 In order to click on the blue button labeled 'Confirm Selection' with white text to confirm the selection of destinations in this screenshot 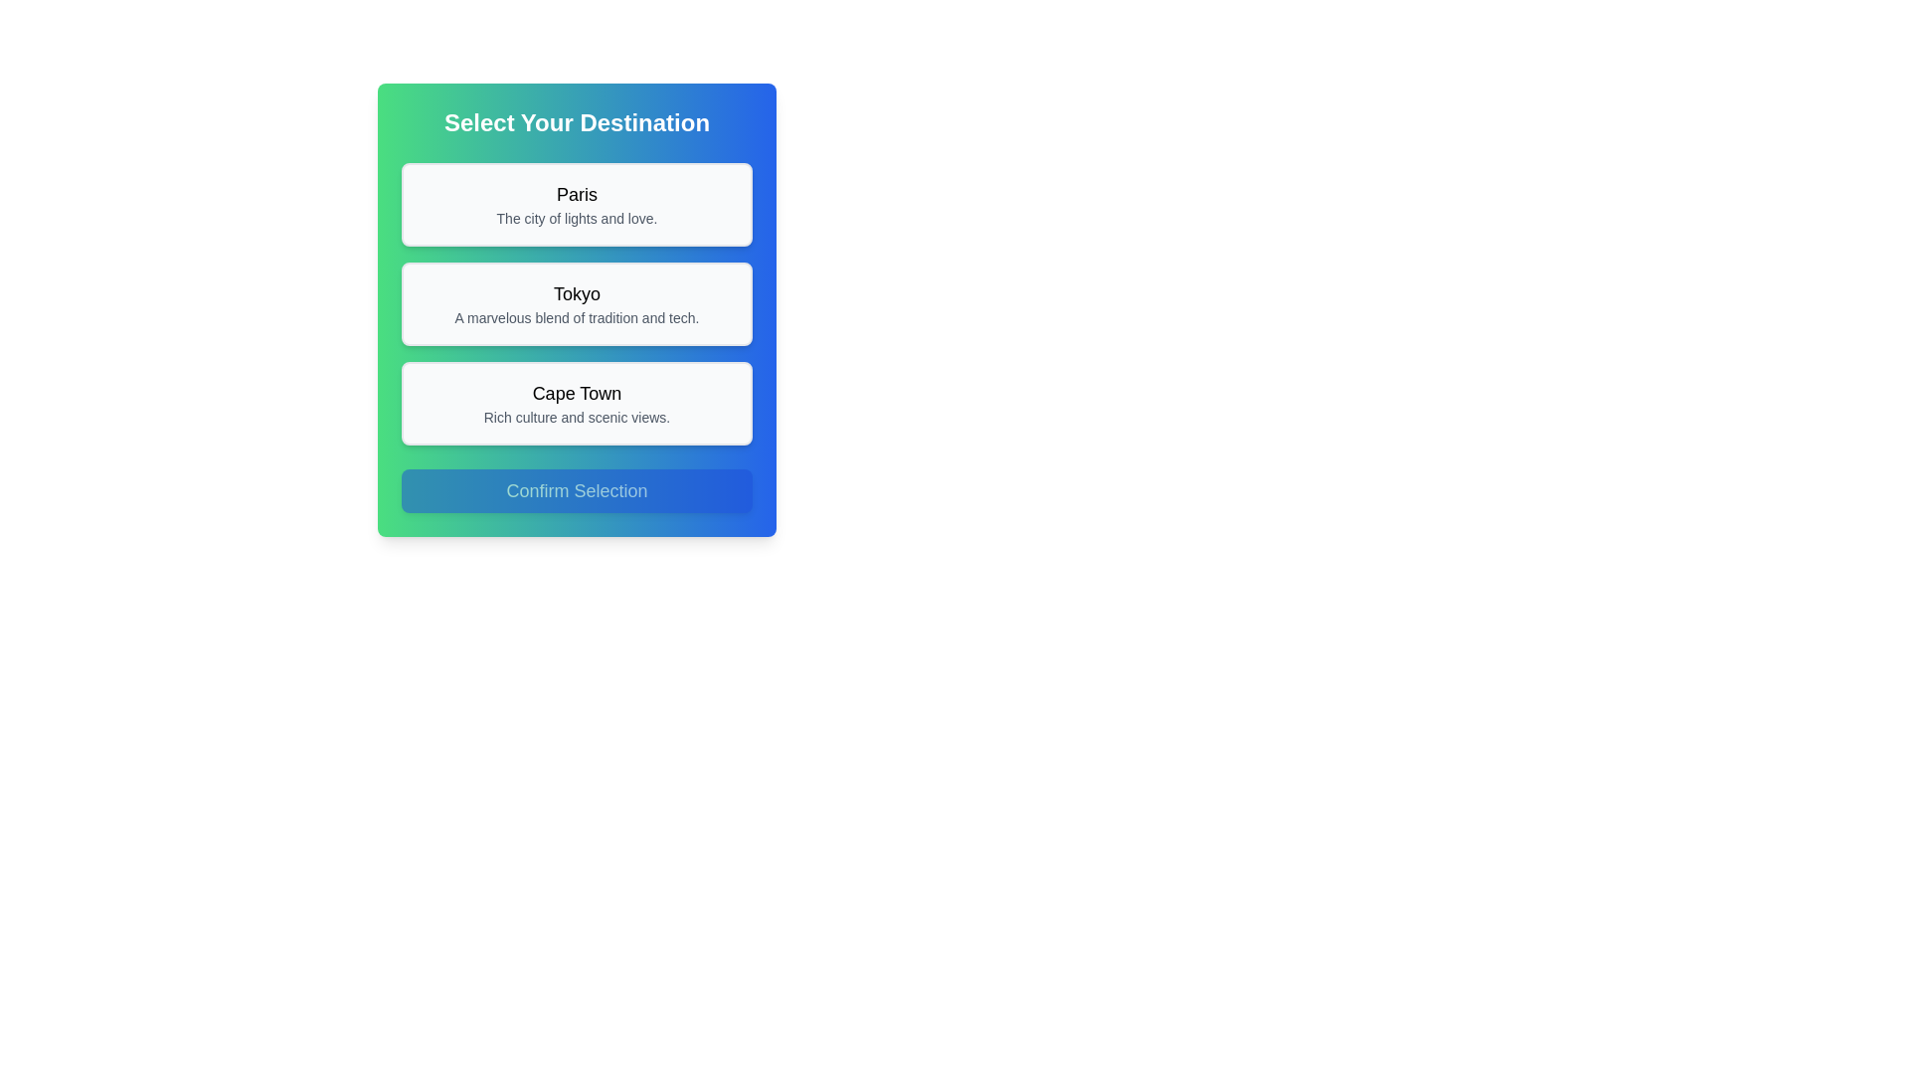, I will do `click(576, 490)`.